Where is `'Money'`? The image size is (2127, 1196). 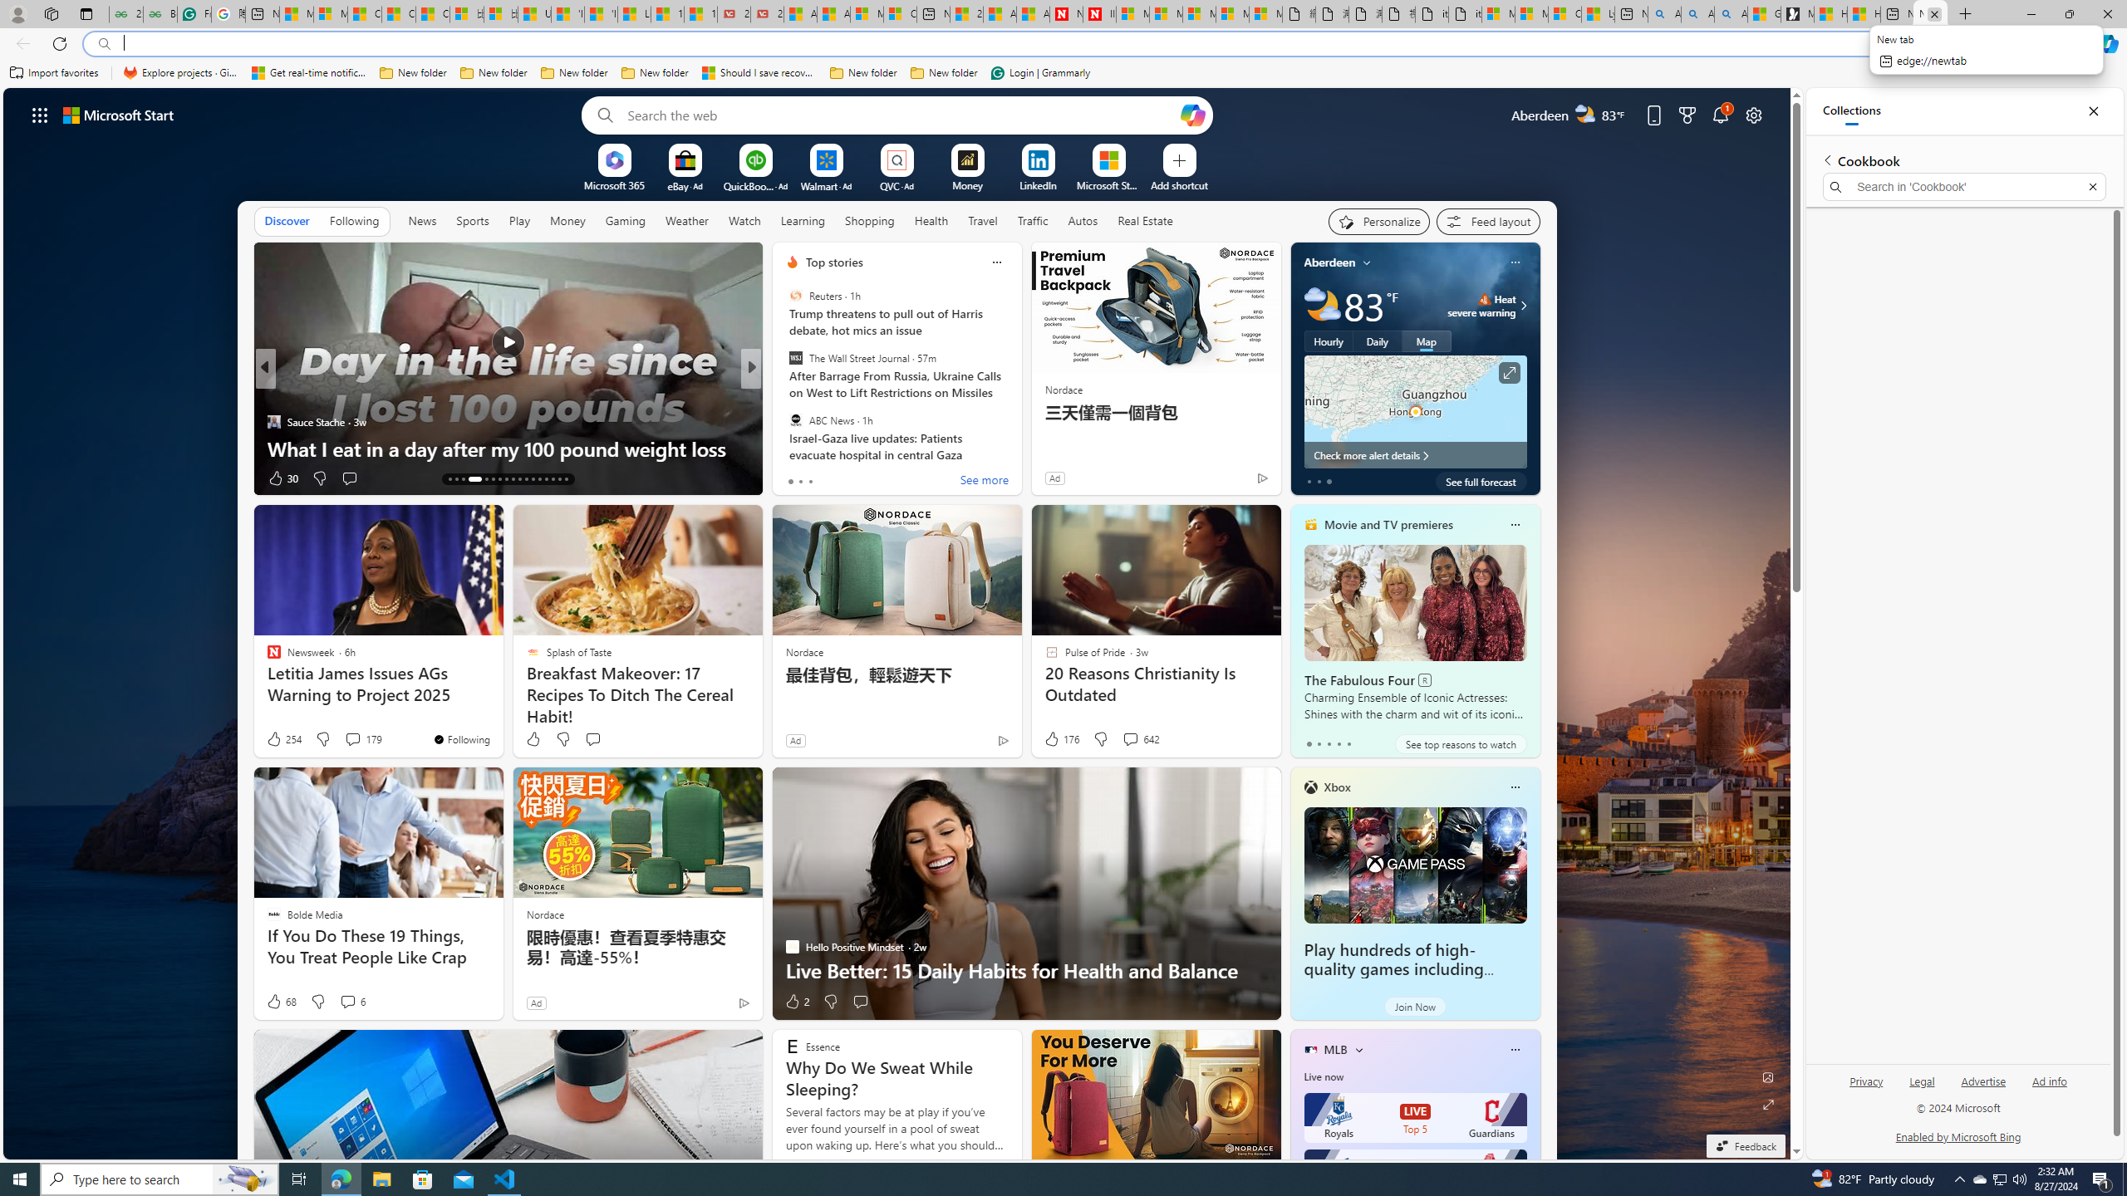
'Money' is located at coordinates (567, 220).